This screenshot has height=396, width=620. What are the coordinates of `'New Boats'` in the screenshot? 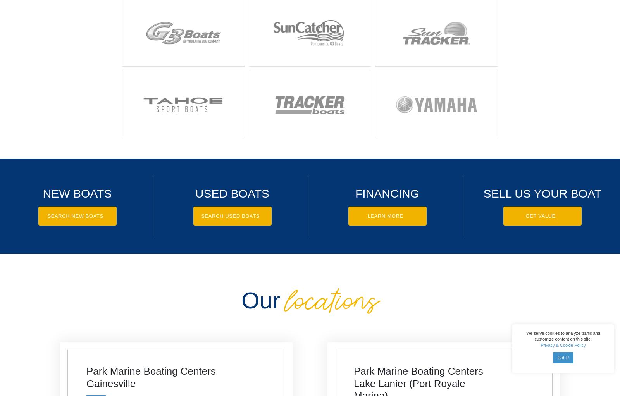 It's located at (77, 193).